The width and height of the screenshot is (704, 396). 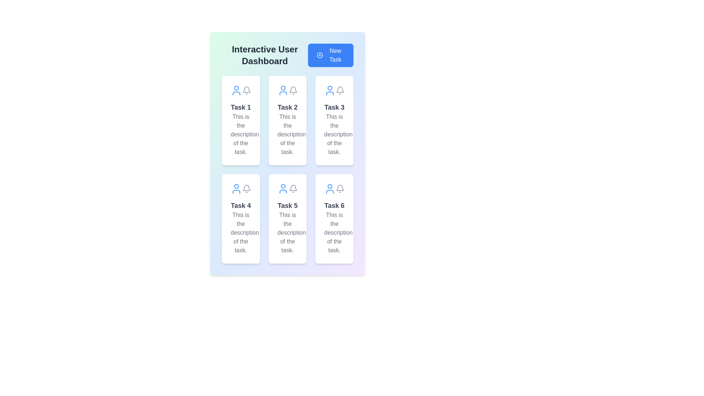 I want to click on the Icon group (user and notification icons) located at the top-left corner of Task 4 card, so click(x=241, y=188).